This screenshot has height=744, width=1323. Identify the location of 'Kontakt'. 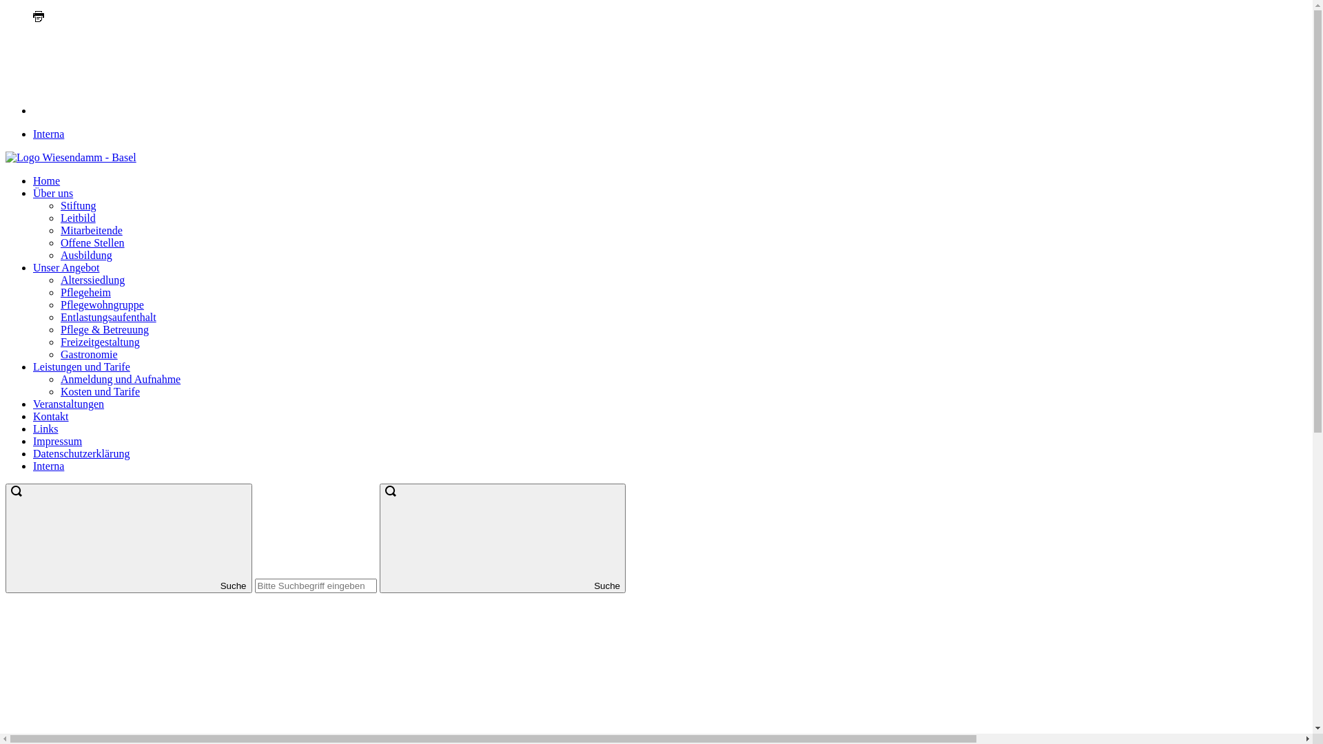
(50, 415).